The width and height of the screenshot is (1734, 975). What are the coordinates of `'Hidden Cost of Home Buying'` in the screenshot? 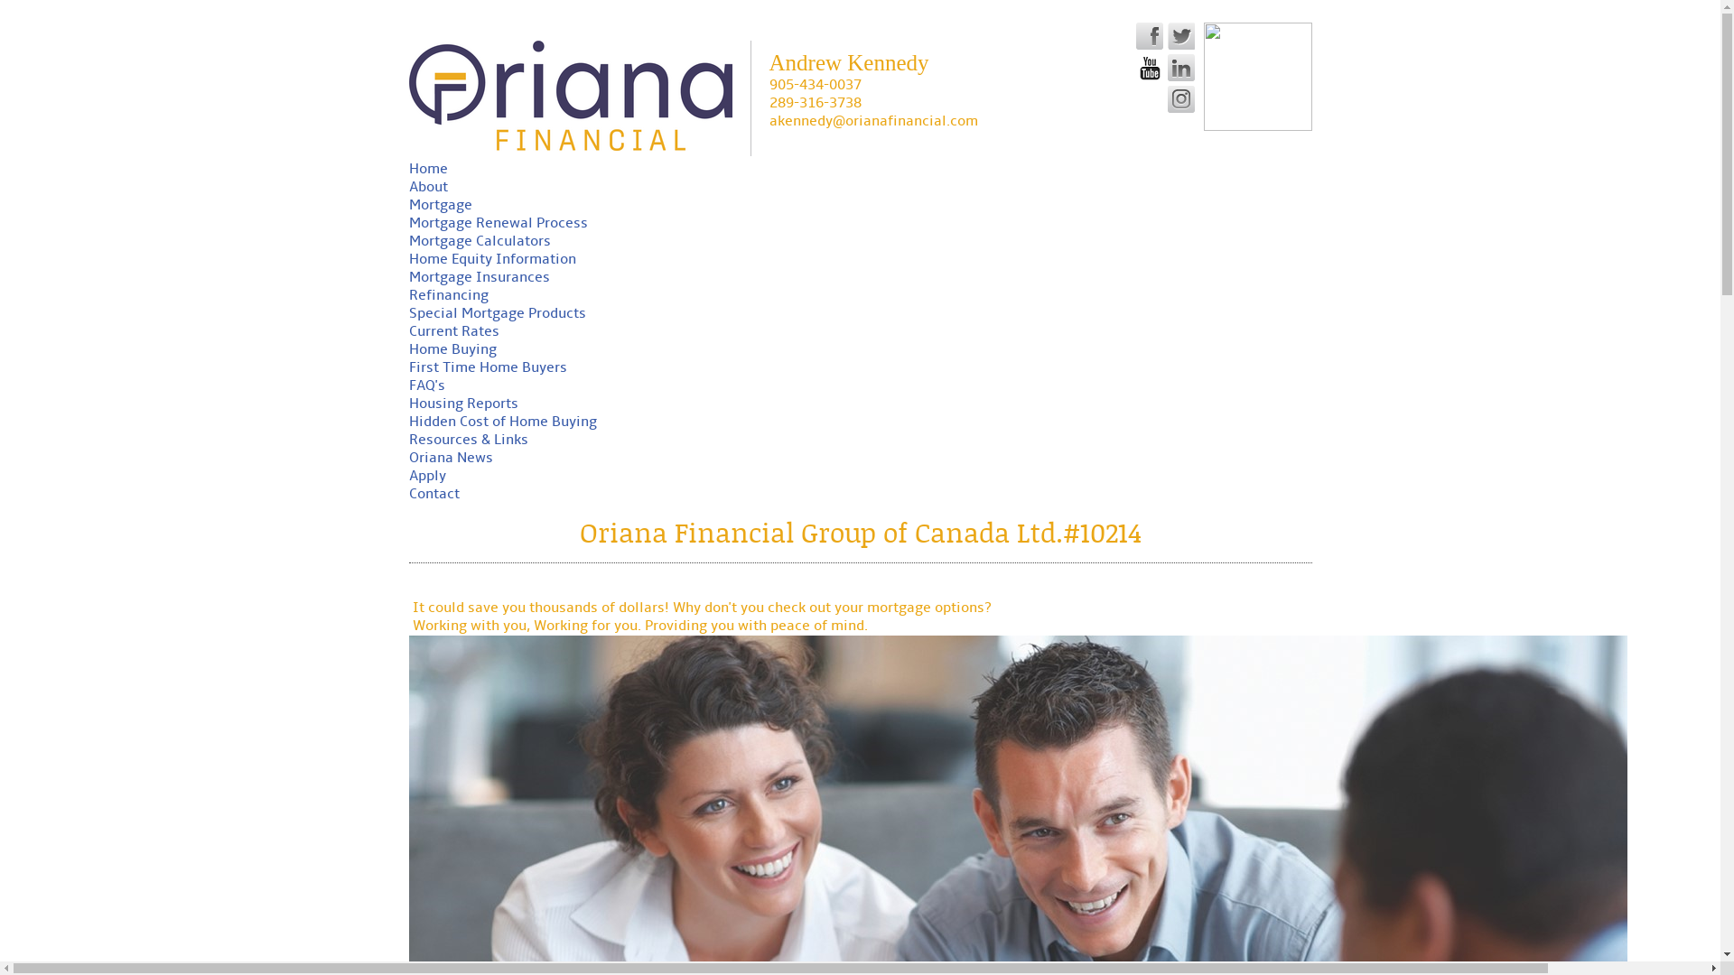 It's located at (502, 422).